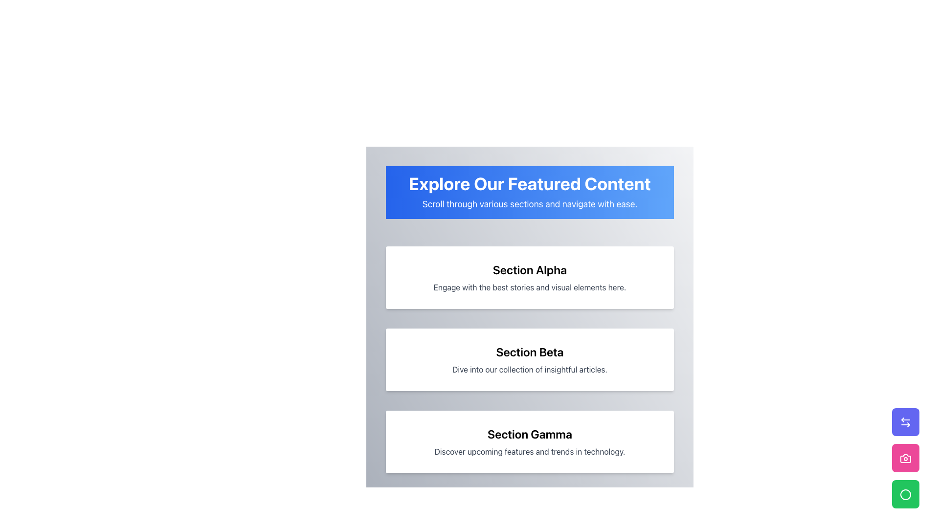 The width and height of the screenshot is (939, 528). What do you see at coordinates (529, 441) in the screenshot?
I see `heading 'Section Gamma' and subtitle 'Discover upcoming features and trends in technology.' from the Content Card located at the center of the third card in a vertically stacked list` at bounding box center [529, 441].